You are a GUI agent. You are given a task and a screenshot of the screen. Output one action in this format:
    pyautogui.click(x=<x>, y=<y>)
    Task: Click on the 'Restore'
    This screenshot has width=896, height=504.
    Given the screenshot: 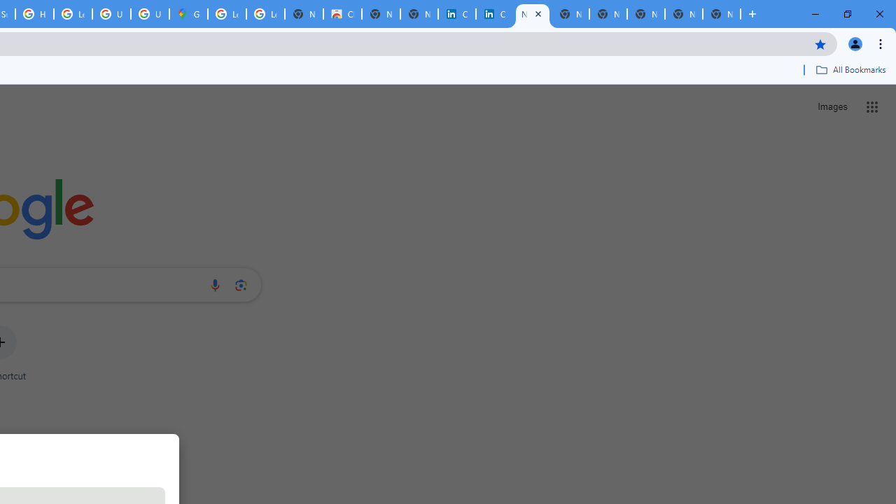 What is the action you would take?
    pyautogui.click(x=846, y=14)
    